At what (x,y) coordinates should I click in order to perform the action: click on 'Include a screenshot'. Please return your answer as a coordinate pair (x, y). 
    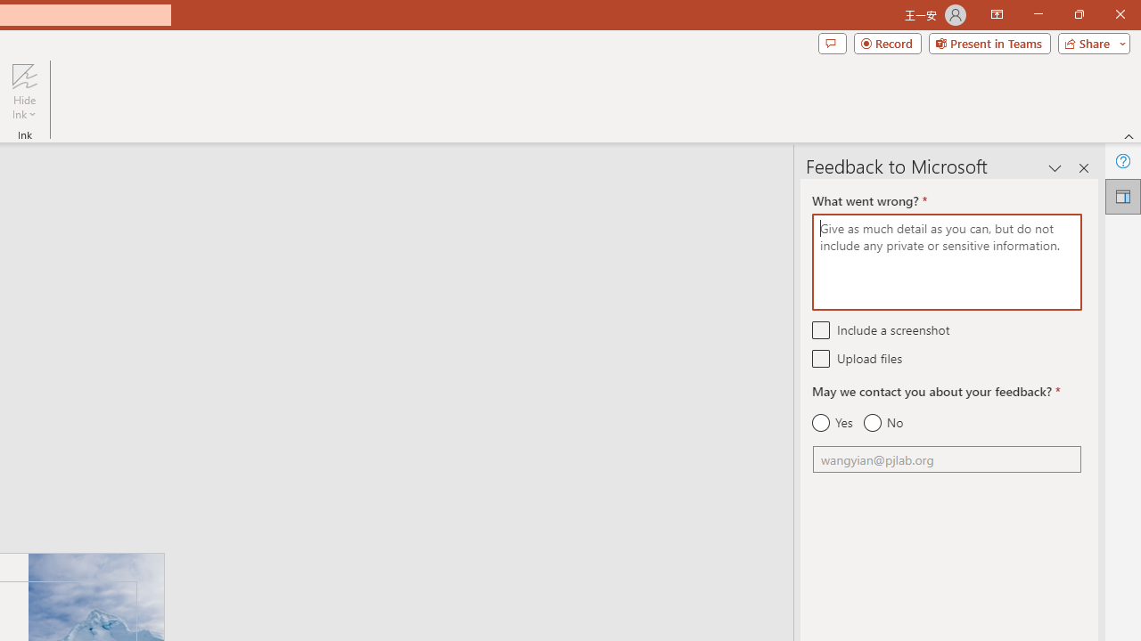
    Looking at the image, I should click on (820, 329).